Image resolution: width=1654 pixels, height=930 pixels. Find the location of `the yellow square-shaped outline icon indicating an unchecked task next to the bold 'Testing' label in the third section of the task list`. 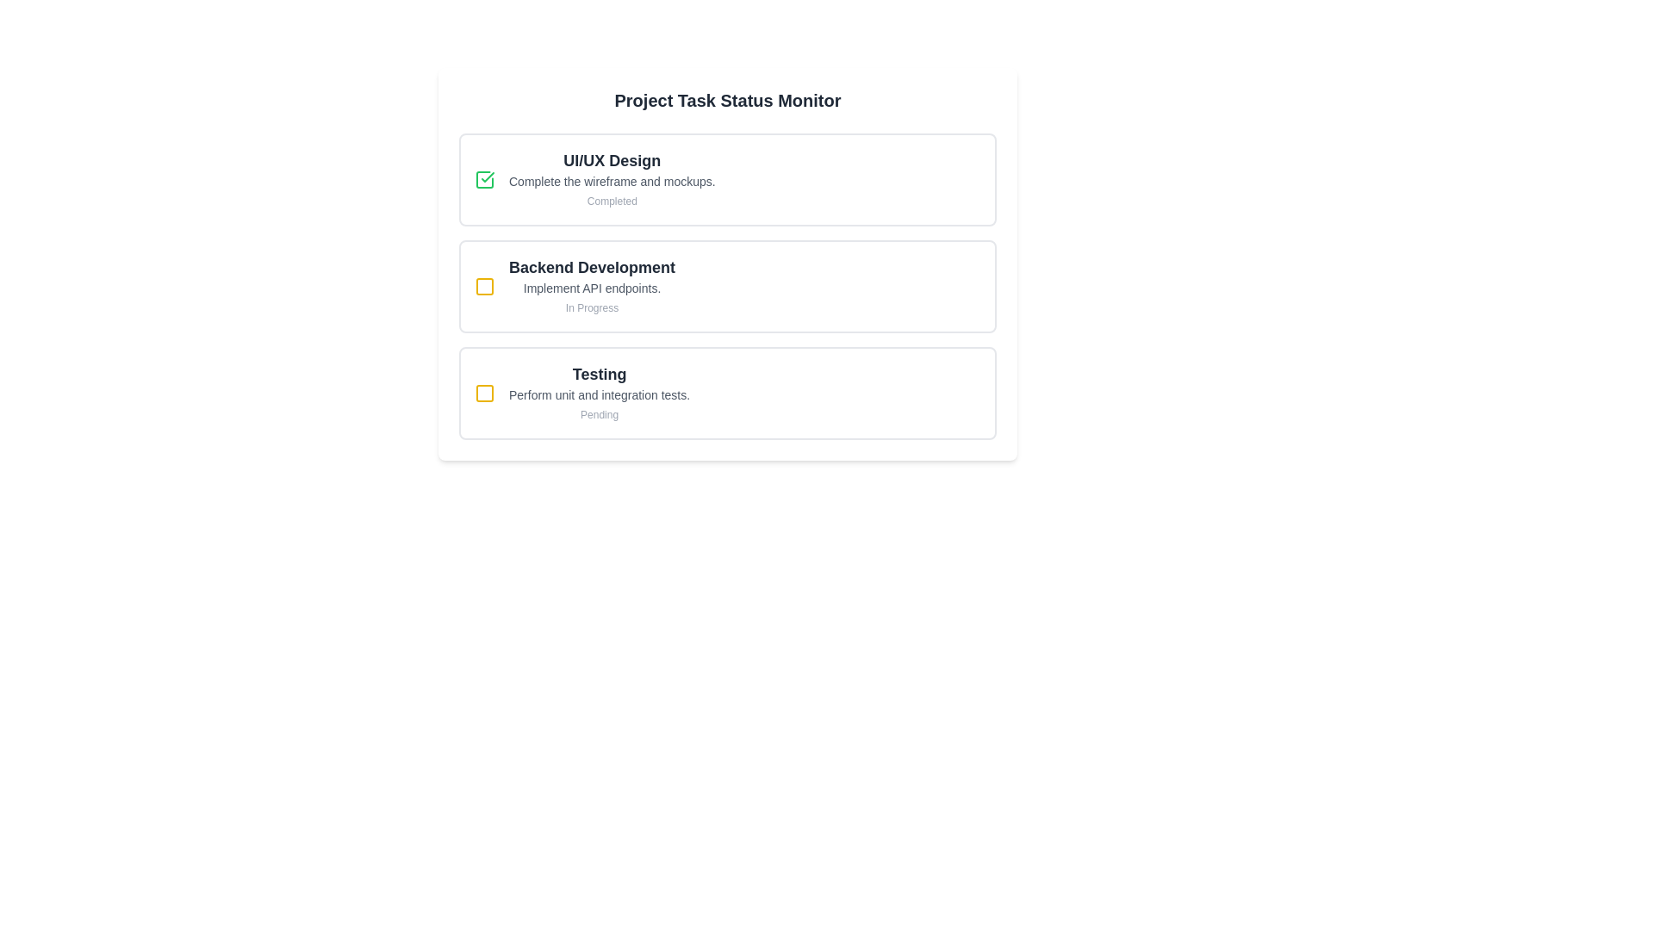

the yellow square-shaped outline icon indicating an unchecked task next to the bold 'Testing' label in the third section of the task list is located at coordinates (491, 393).